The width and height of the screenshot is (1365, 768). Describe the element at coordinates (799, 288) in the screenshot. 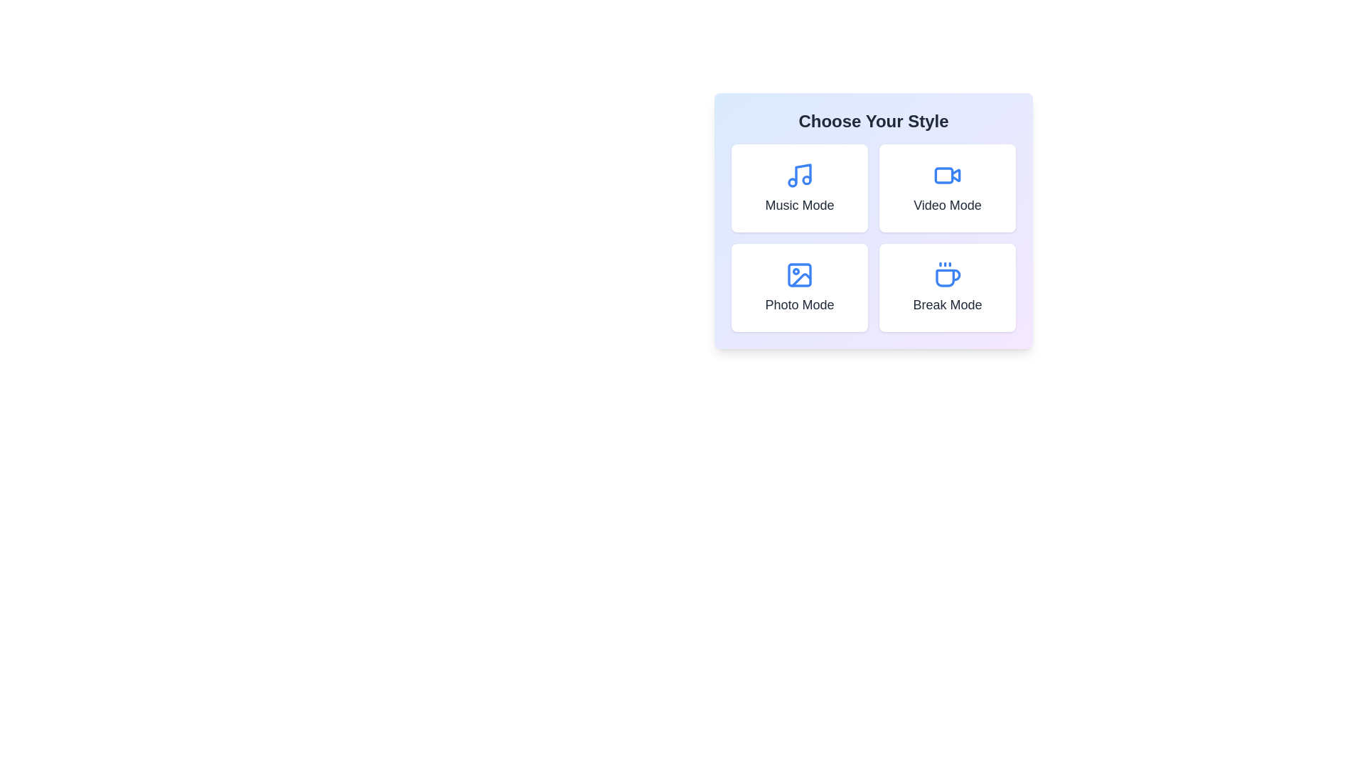

I see `the button representing Photo Mode` at that location.